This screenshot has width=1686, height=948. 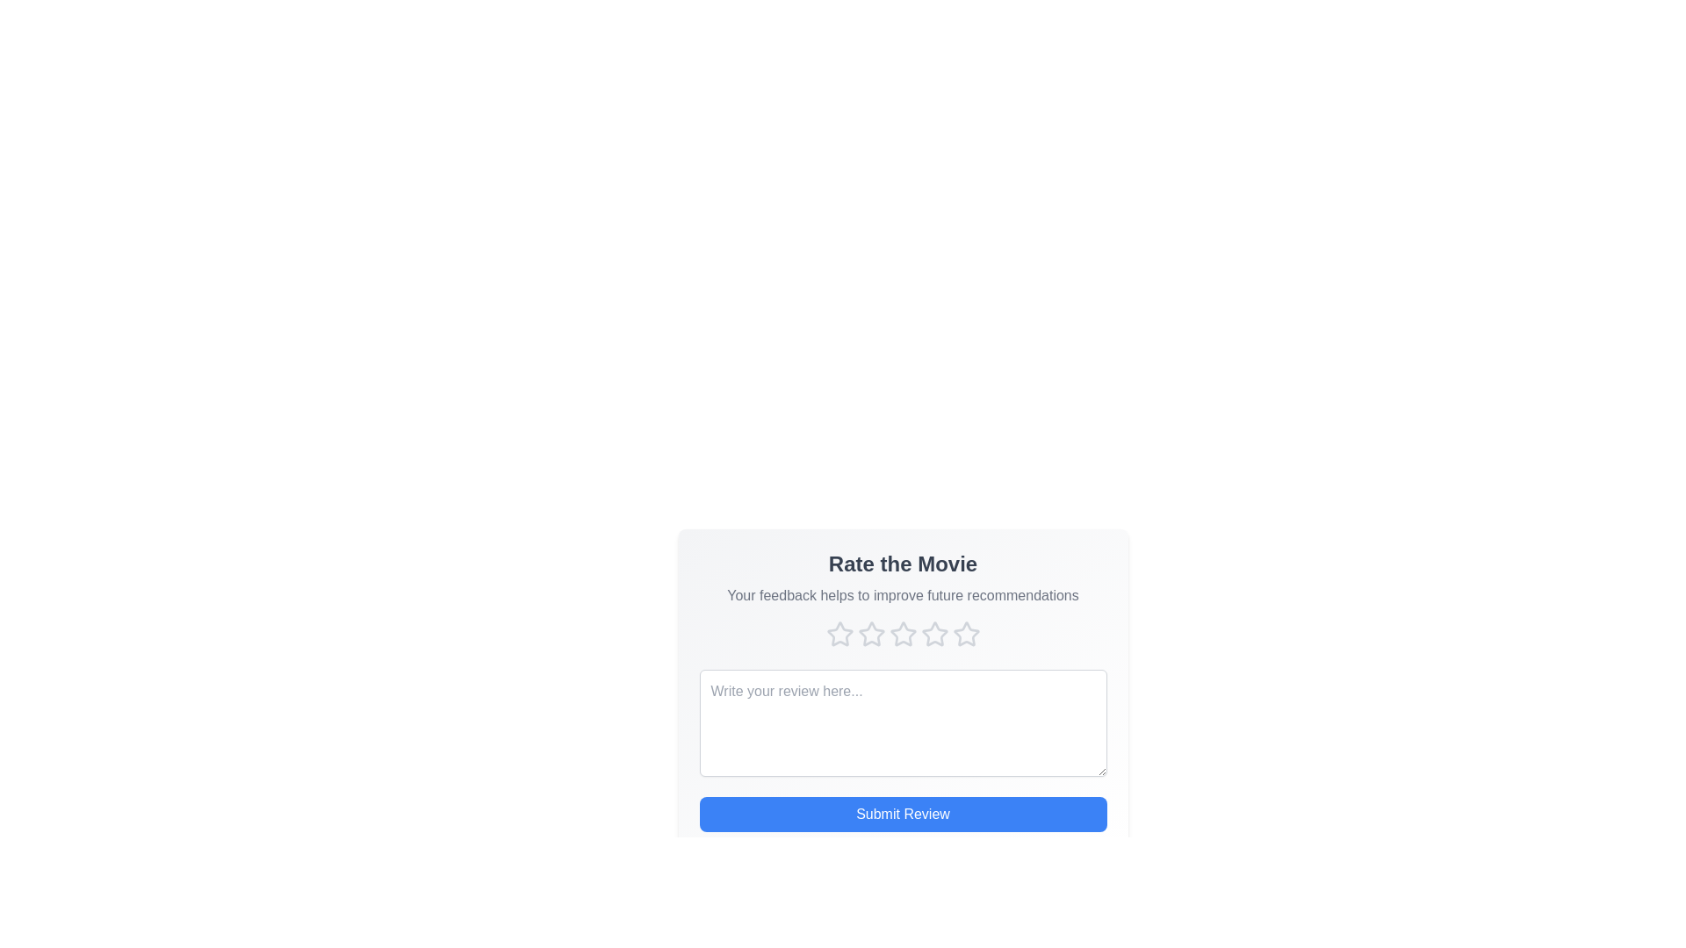 What do you see at coordinates (903, 634) in the screenshot?
I see `the third star in the rating feature located below the 'Rate the Movie' header` at bounding box center [903, 634].